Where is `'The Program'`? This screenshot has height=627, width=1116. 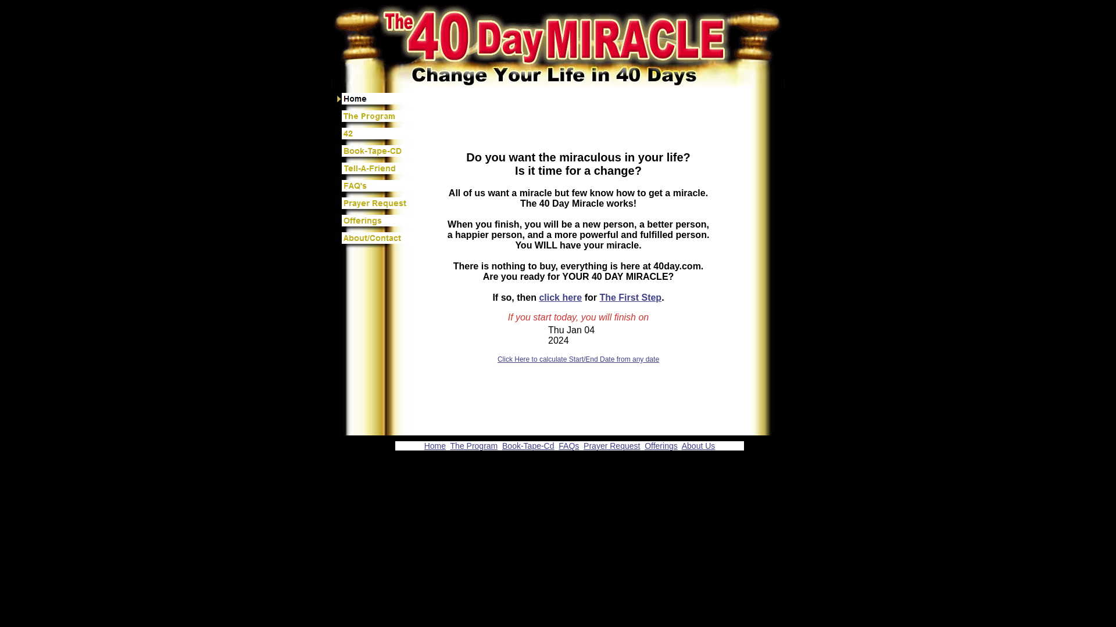 'The Program' is located at coordinates (474, 445).